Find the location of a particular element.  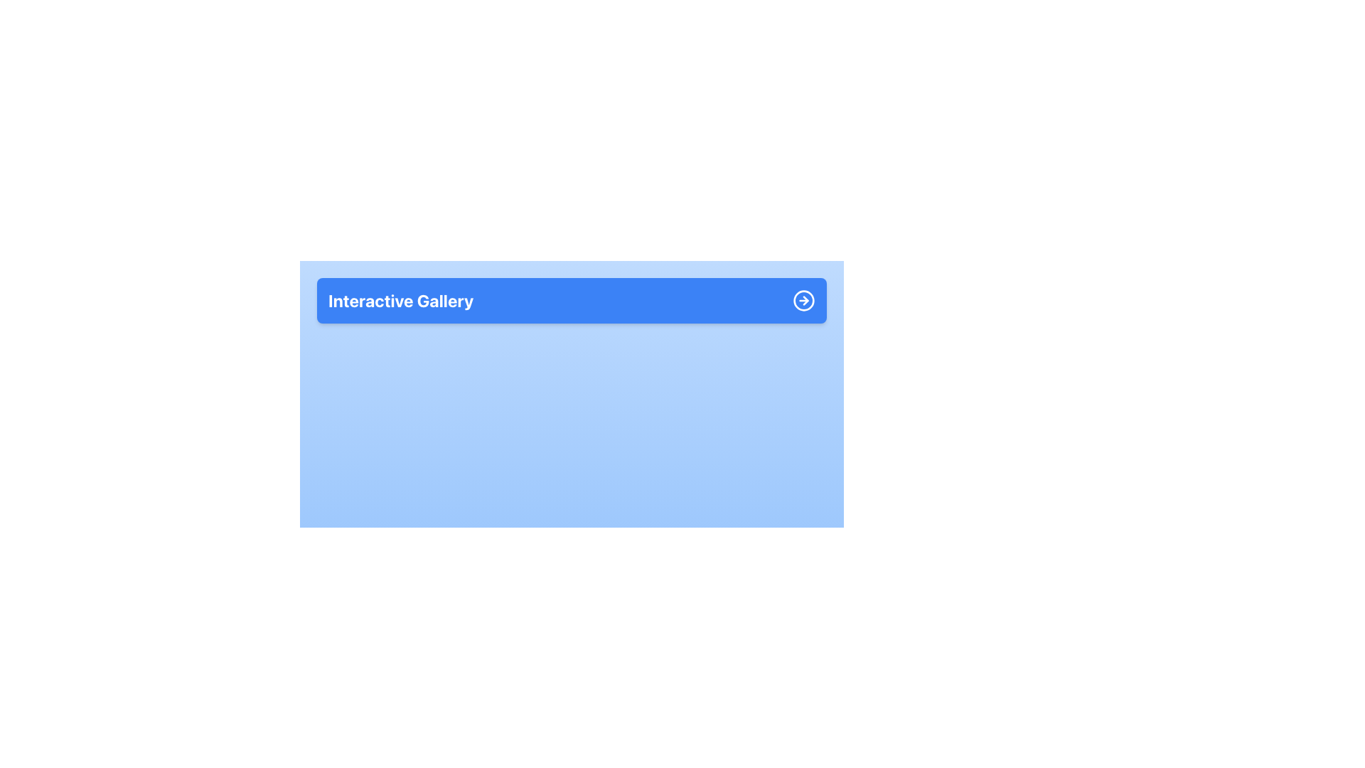

the SVG graphic element styled as a button located on the far right side of the blue header, aligned with the 'Interactive Gallery' text is located at coordinates (804, 300).